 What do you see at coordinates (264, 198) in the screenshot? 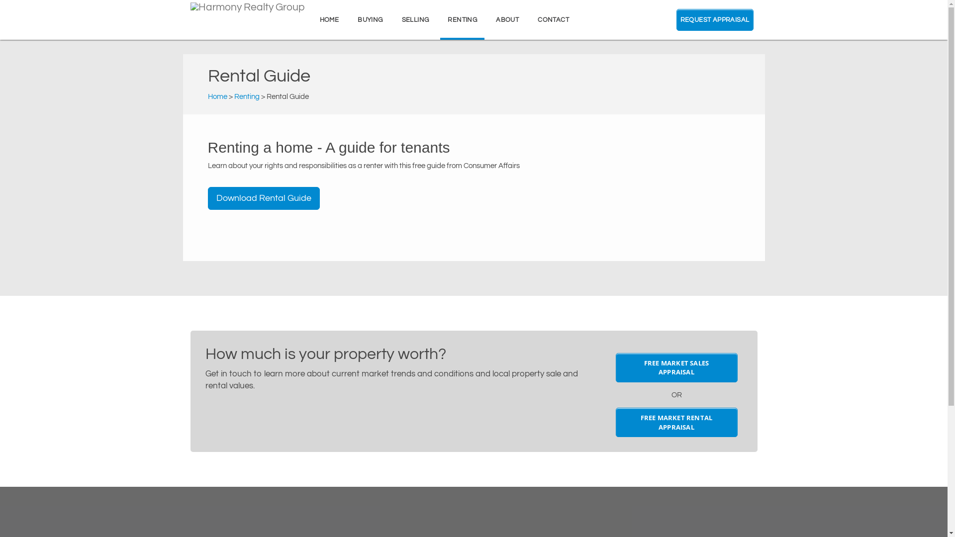
I see `'Download Rental Guide'` at bounding box center [264, 198].